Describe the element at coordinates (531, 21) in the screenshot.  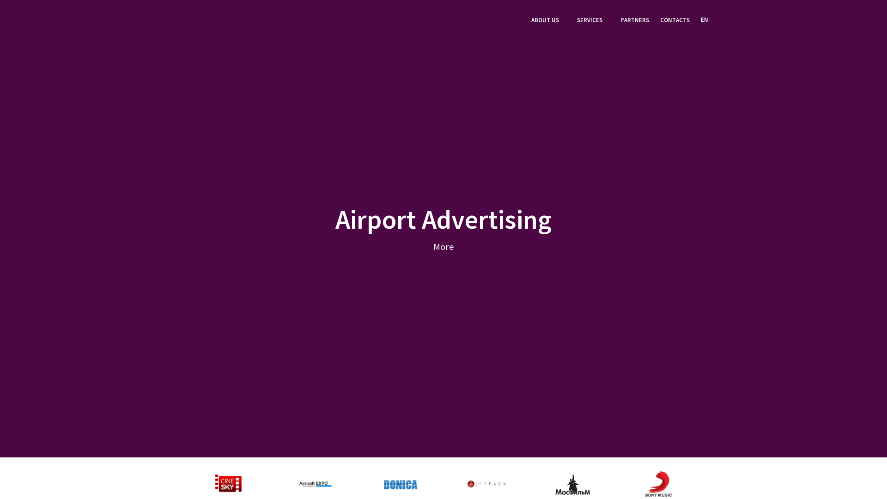
I see `'ABOUT US'` at that location.